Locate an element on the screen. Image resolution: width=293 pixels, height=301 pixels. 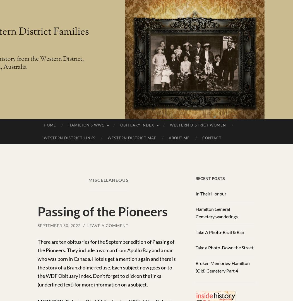
'There are ten obituaries for the September edition of Passing of the Pioneers. They include a woman from Apollo Bay and a man who was born in Canada. Hotels get a mention again and there is the story of a Branxholme recluse. Each subject now goes on to the' is located at coordinates (107, 258).